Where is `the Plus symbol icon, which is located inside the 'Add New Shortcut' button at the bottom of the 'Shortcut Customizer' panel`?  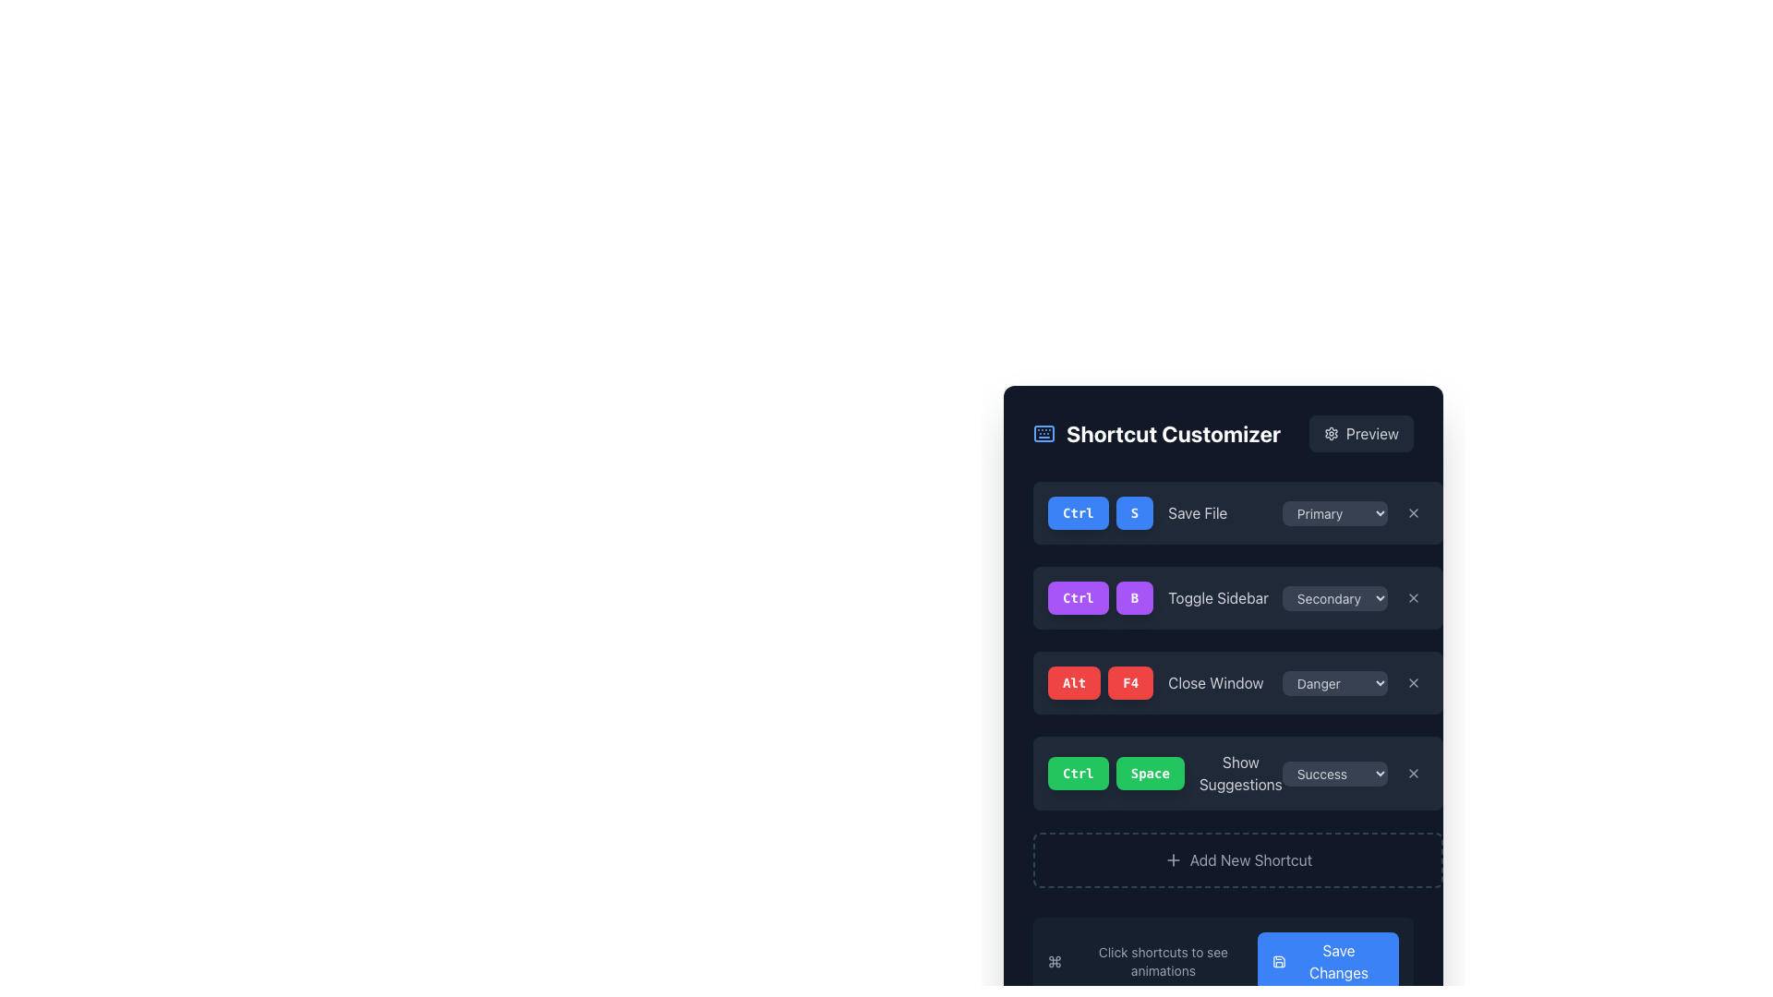
the Plus symbol icon, which is located inside the 'Add New Shortcut' button at the bottom of the 'Shortcut Customizer' panel is located at coordinates (1172, 860).